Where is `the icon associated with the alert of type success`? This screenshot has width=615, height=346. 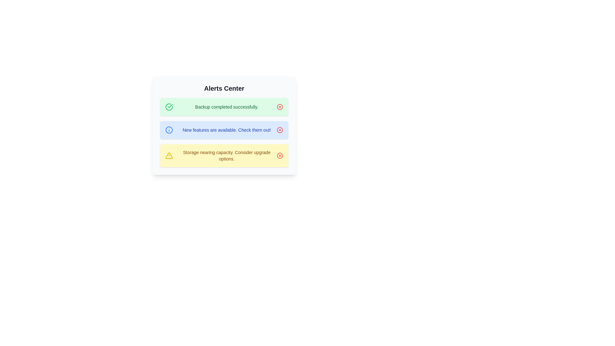 the icon associated with the alert of type success is located at coordinates (169, 107).